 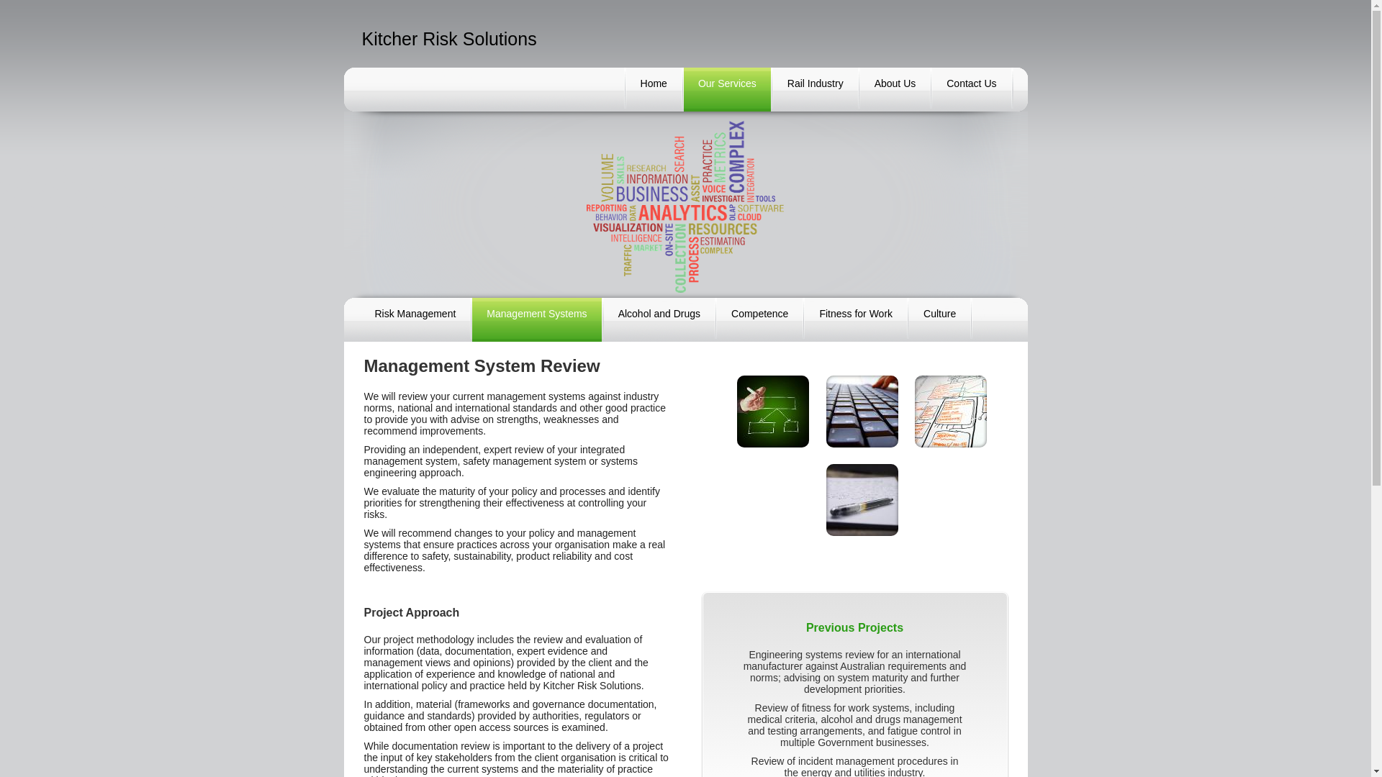 I want to click on 'Home', so click(x=653, y=89).